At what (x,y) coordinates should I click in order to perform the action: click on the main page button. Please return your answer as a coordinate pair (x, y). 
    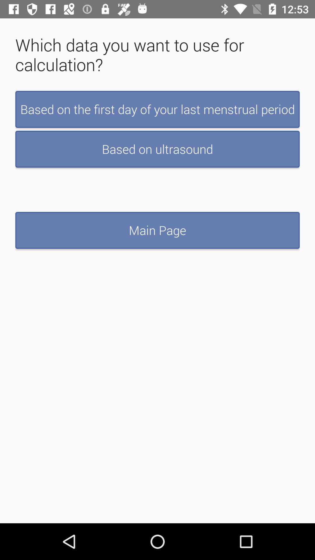
    Looking at the image, I should click on (157, 230).